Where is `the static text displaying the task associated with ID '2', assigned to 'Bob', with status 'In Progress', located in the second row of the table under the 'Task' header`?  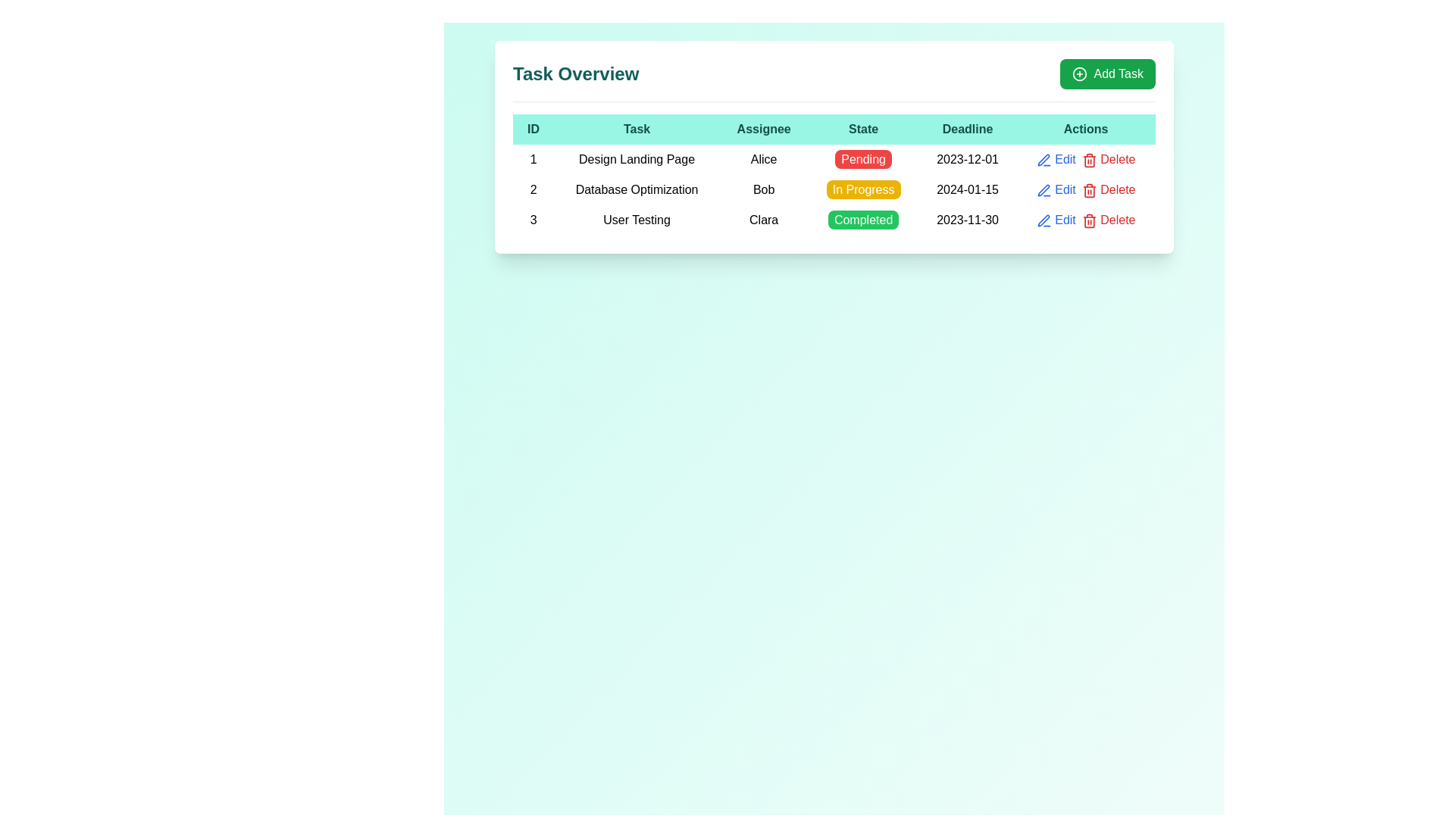
the static text displaying the task associated with ID '2', assigned to 'Bob', with status 'In Progress', located in the second row of the table under the 'Task' header is located at coordinates (637, 189).